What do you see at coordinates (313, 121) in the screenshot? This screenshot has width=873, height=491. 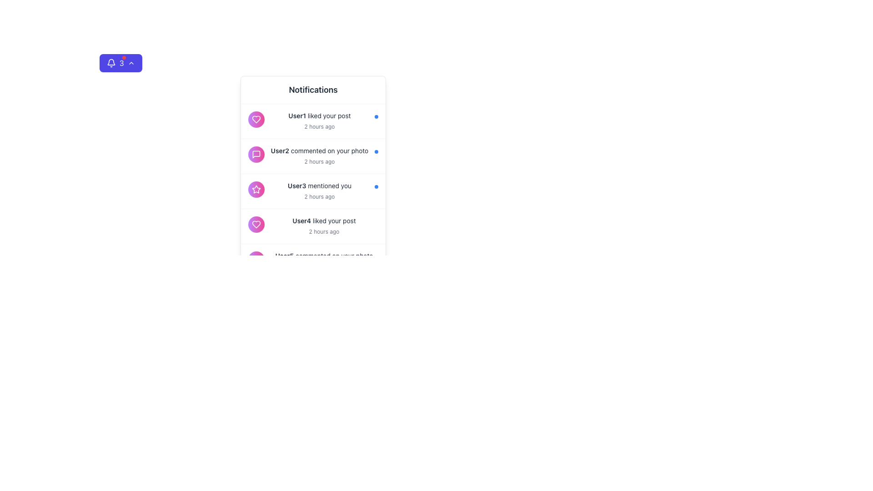 I see `the first notification entry with a purple gradient heart icon, bolded text 'User1', and the text 'liked your post'` at bounding box center [313, 121].